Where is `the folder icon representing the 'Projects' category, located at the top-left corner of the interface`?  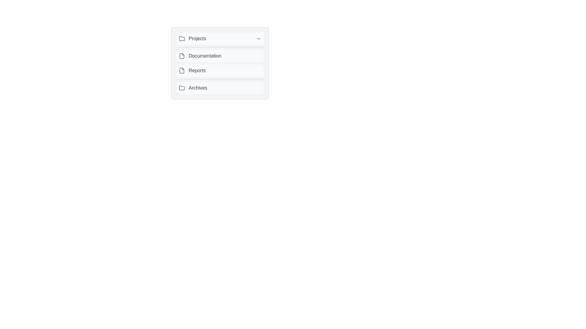
the folder icon representing the 'Projects' category, located at the top-left corner of the interface is located at coordinates (181, 39).